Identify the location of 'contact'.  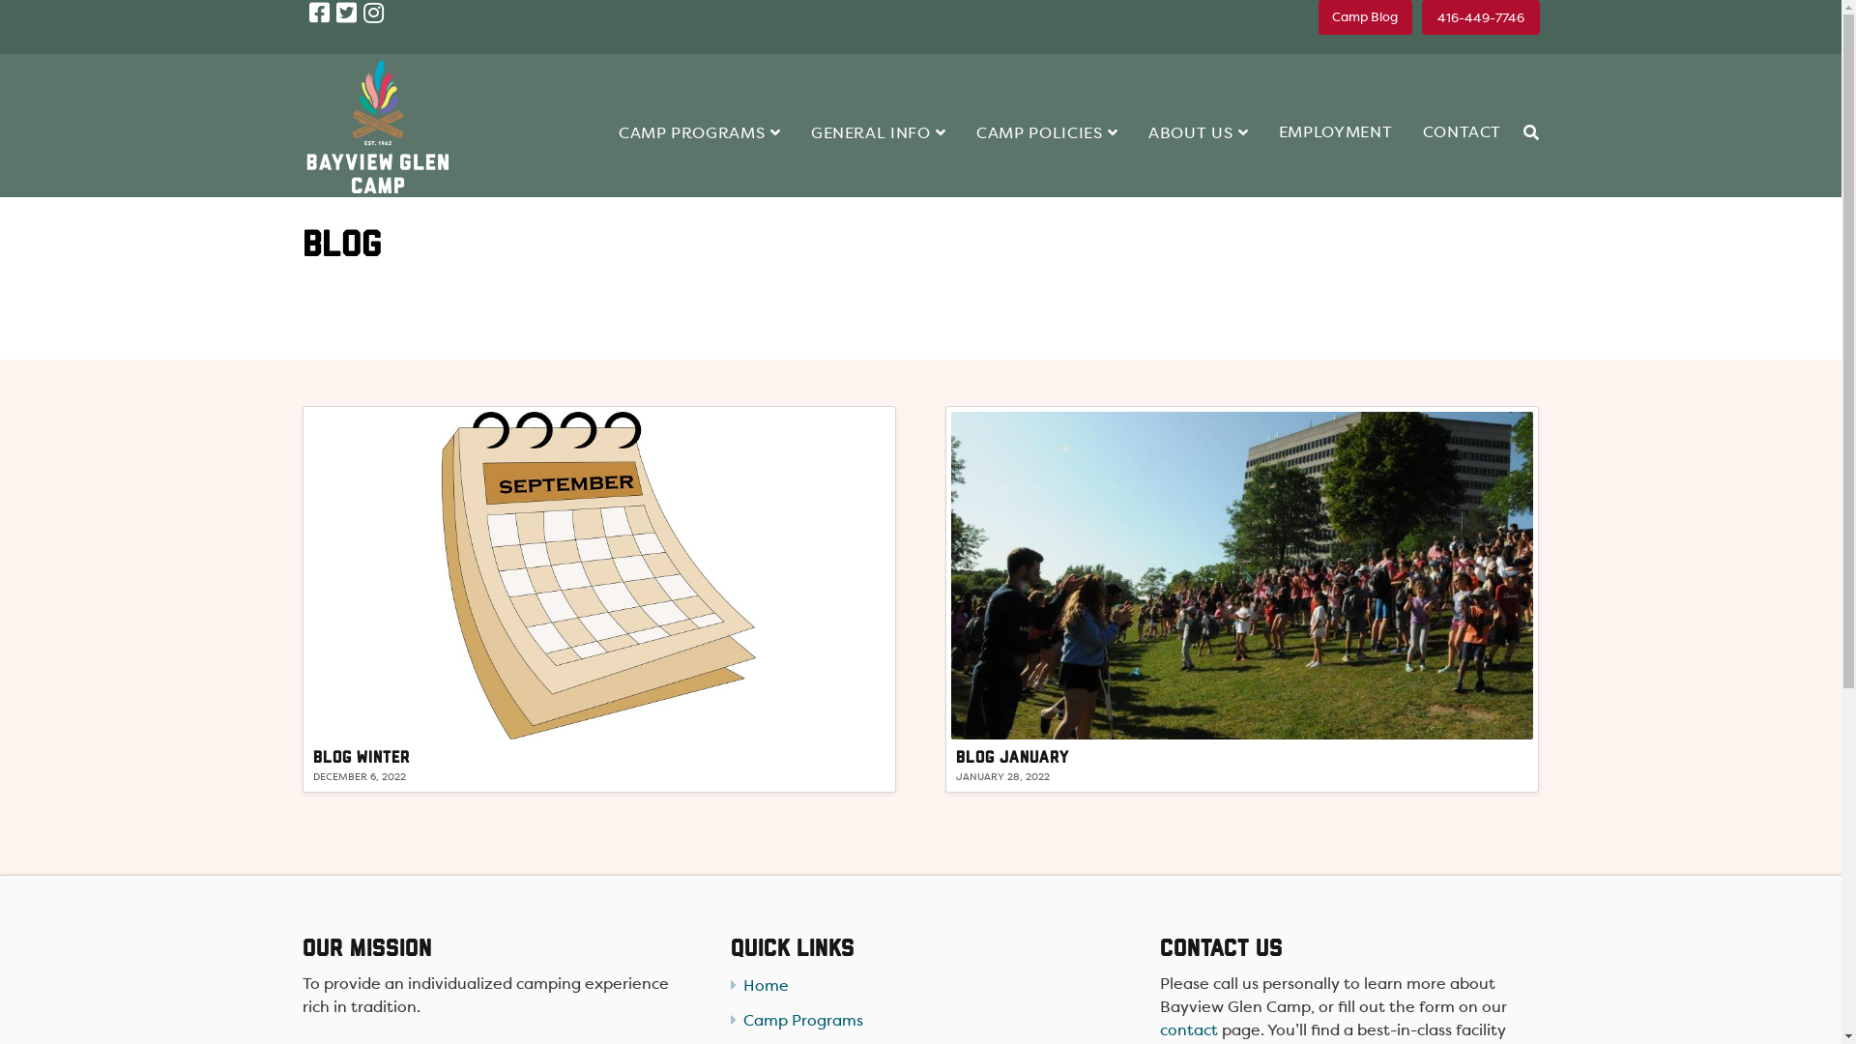
(1187, 1029).